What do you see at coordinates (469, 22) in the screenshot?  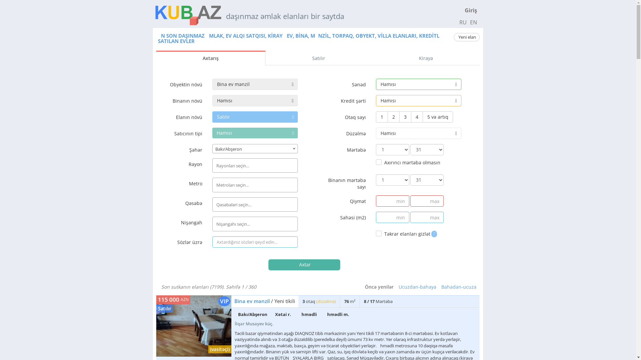 I see `'EN'` at bounding box center [469, 22].